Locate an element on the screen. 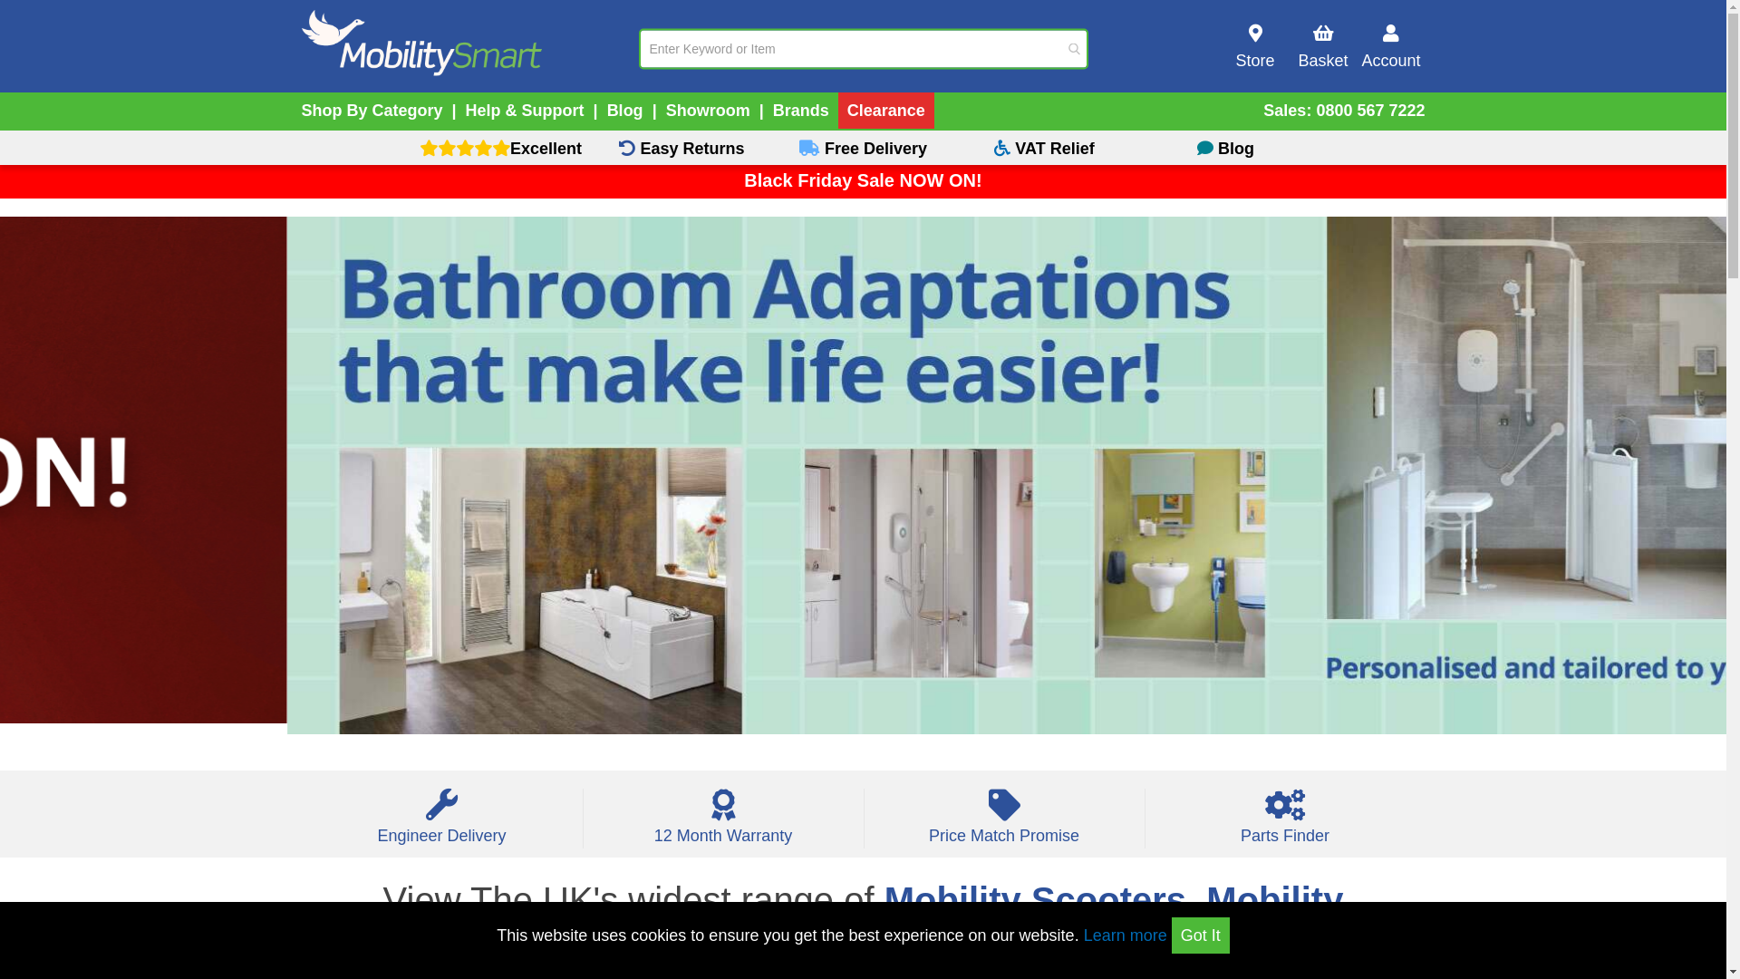 This screenshot has height=979, width=1740. 'VAT Relief' is located at coordinates (1044, 147).